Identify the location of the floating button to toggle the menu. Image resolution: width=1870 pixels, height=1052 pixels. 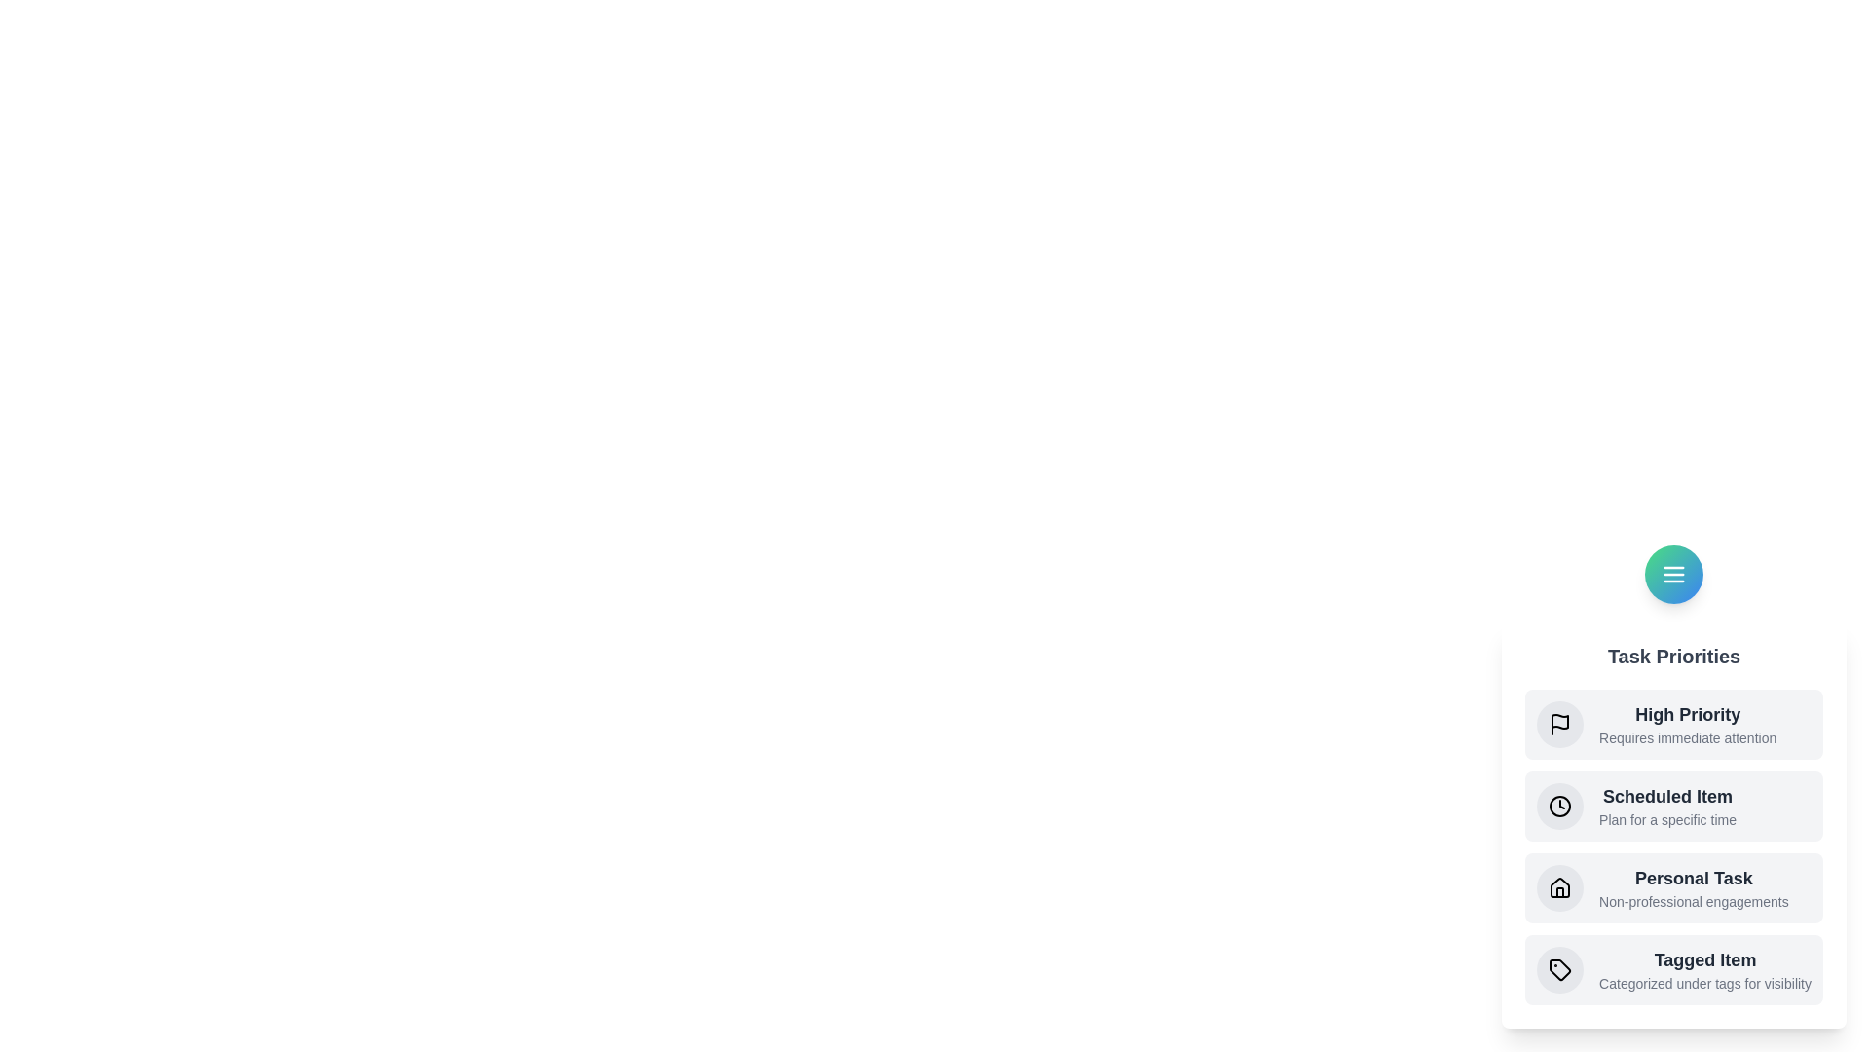
(1672, 574).